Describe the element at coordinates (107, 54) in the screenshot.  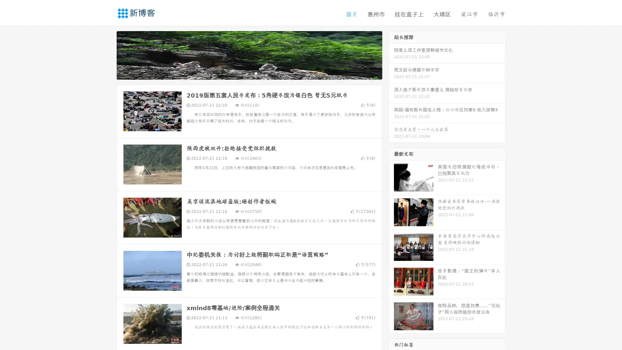
I see `Previous slide` at that location.